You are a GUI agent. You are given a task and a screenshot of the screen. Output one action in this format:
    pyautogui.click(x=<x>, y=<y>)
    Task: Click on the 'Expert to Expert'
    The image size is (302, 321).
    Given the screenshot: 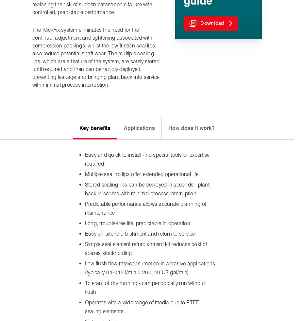 What is the action you would take?
    pyautogui.click(x=147, y=130)
    